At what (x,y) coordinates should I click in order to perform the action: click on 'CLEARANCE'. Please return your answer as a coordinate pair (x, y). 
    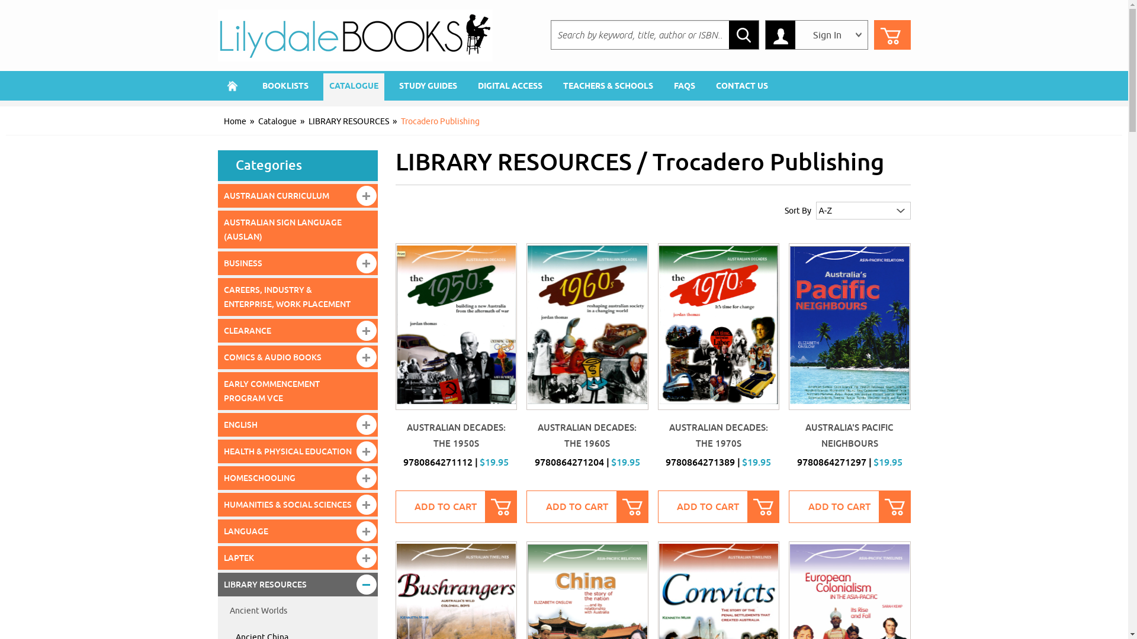
    Looking at the image, I should click on (298, 331).